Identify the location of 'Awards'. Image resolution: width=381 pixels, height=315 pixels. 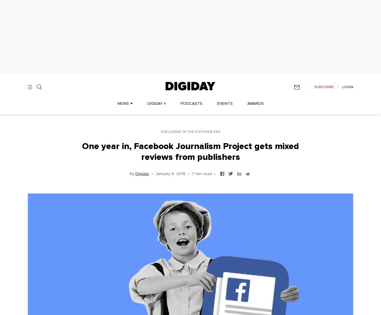
(255, 104).